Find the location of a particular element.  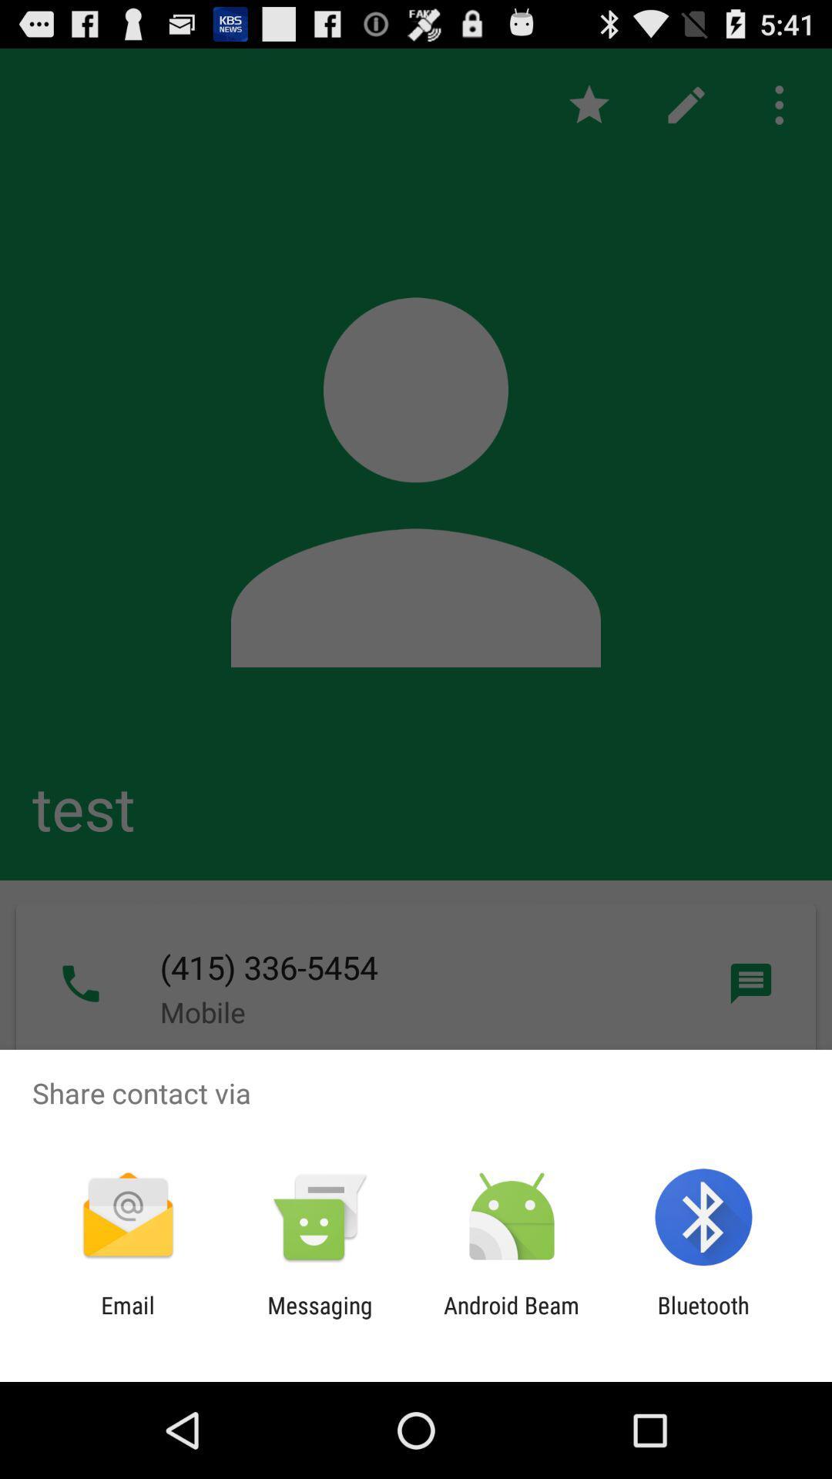

the app to the right of messaging item is located at coordinates (512, 1318).